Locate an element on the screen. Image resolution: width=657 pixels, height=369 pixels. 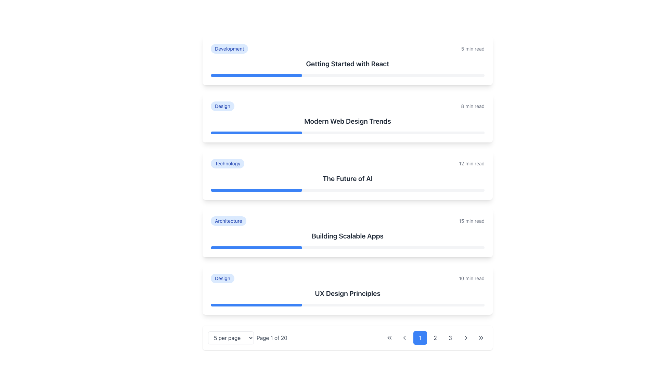
the fourth card in the vertical list of six cards is located at coordinates (348, 232).